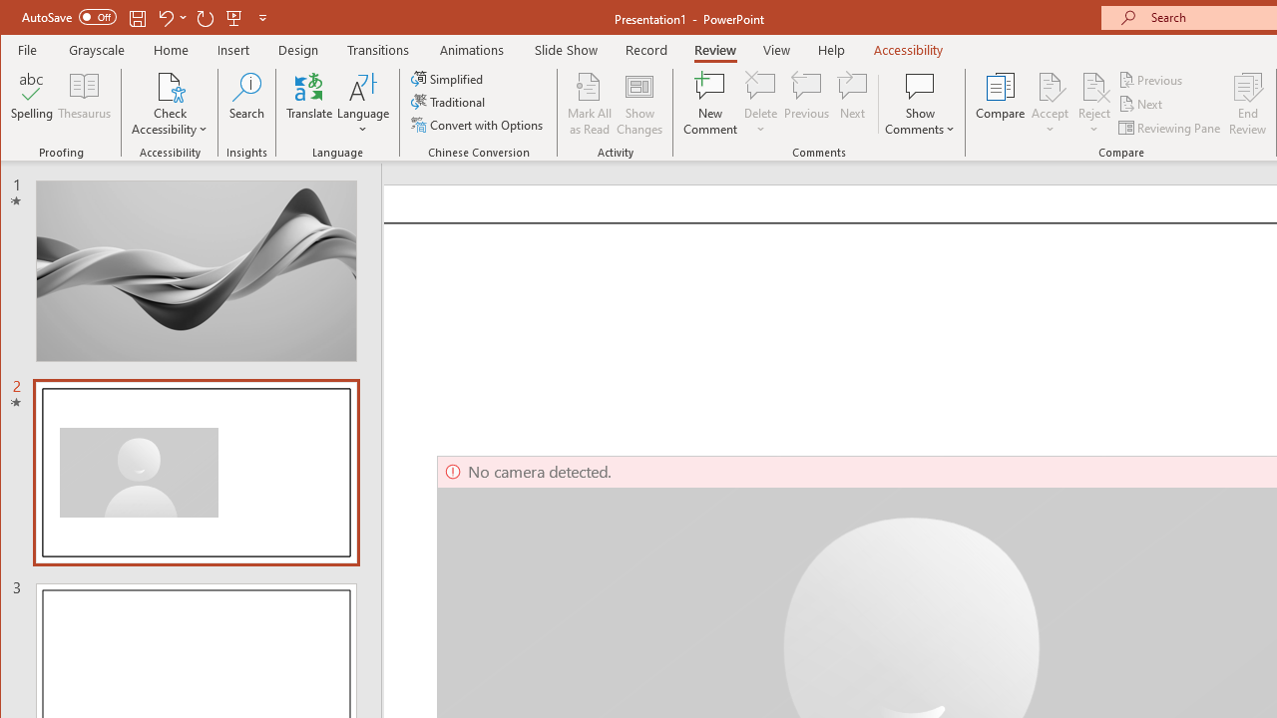  What do you see at coordinates (1141, 104) in the screenshot?
I see `'Next'` at bounding box center [1141, 104].